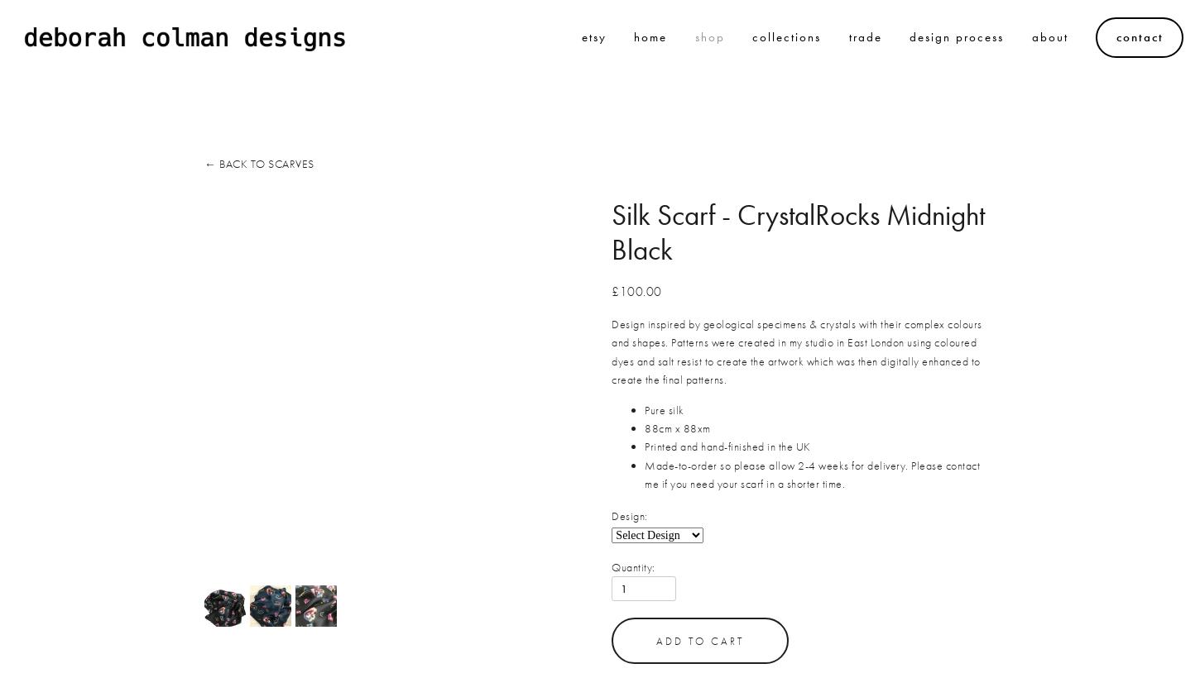 This screenshot has width=1200, height=678. What do you see at coordinates (664, 409) in the screenshot?
I see `'Pure silk'` at bounding box center [664, 409].